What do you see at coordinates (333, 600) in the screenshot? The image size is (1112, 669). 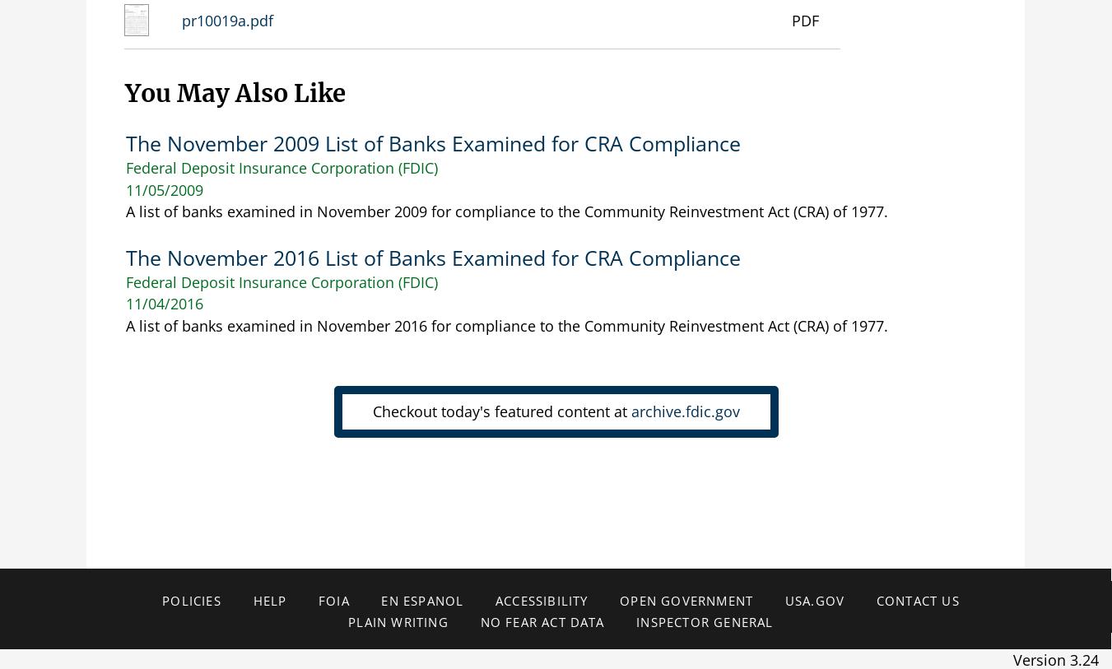 I see `'FOIA'` at bounding box center [333, 600].